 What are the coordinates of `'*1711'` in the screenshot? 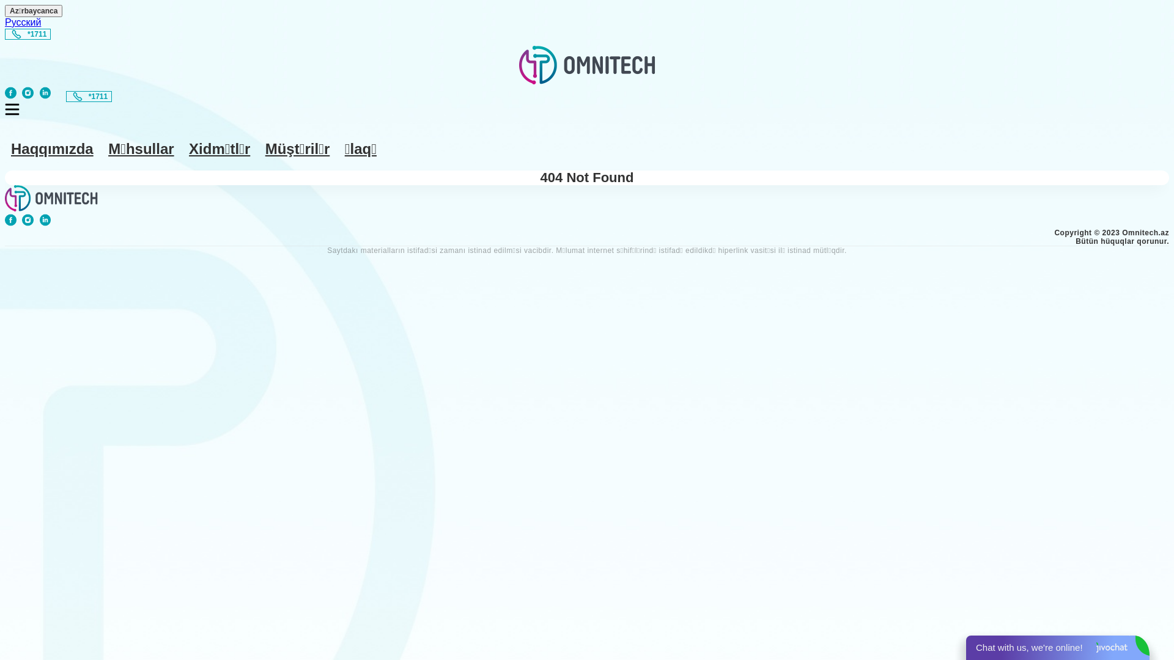 It's located at (28, 34).